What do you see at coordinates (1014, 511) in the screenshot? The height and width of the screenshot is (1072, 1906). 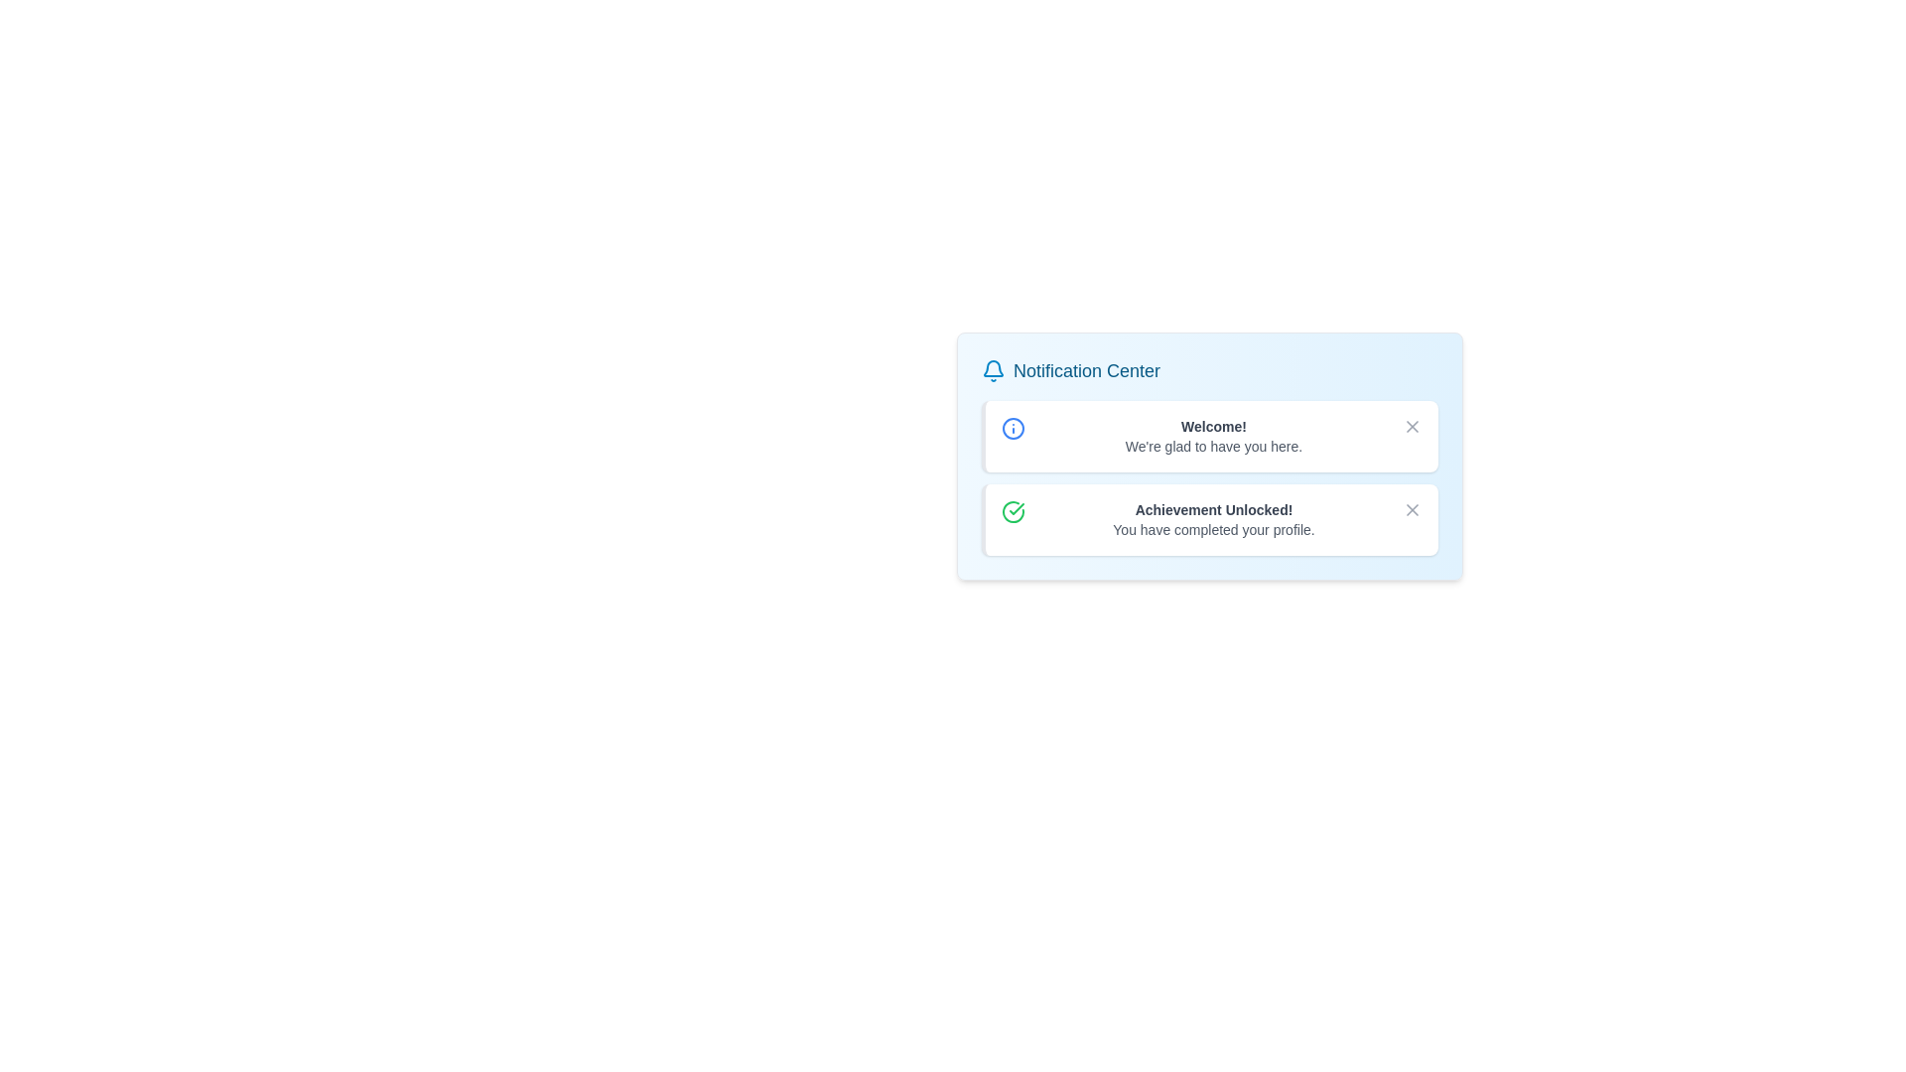 I see `the achievement icon located on the left side of the notification labeled 'Achievement Unlocked! You have completed your profile.'` at bounding box center [1014, 511].